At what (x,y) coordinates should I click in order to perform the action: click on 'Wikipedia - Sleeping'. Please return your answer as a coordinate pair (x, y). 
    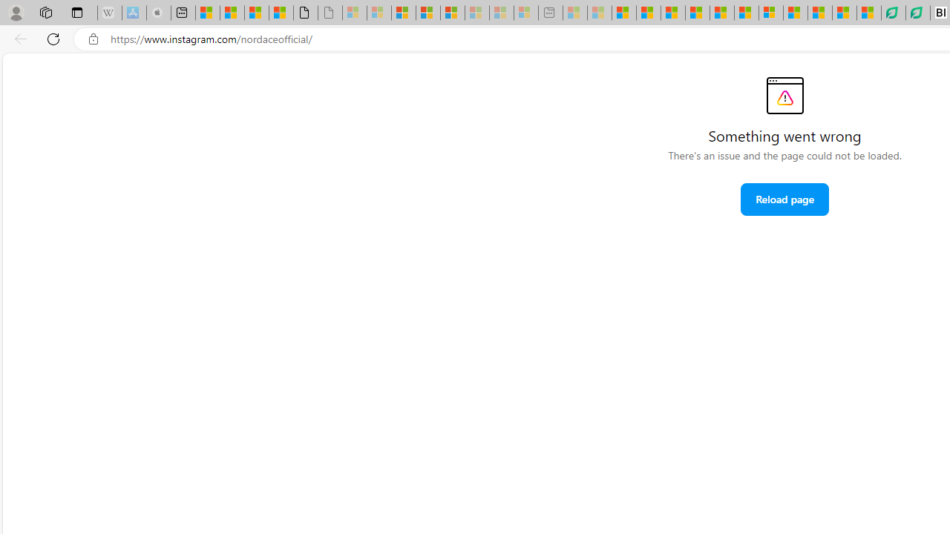
    Looking at the image, I should click on (108, 13).